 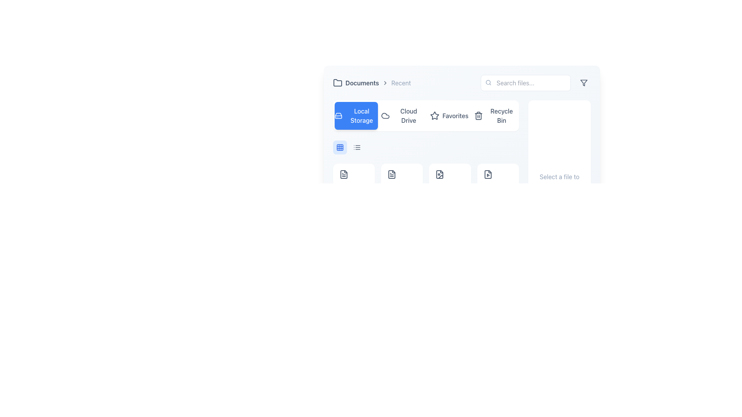 I want to click on the folder icon, which is a minimalistic rectangular design with a tab-like projection, located near the upper-left corner of the interface, adjacent to the 'Documents' breadcrumb and 'Recent' text, so click(x=337, y=82).